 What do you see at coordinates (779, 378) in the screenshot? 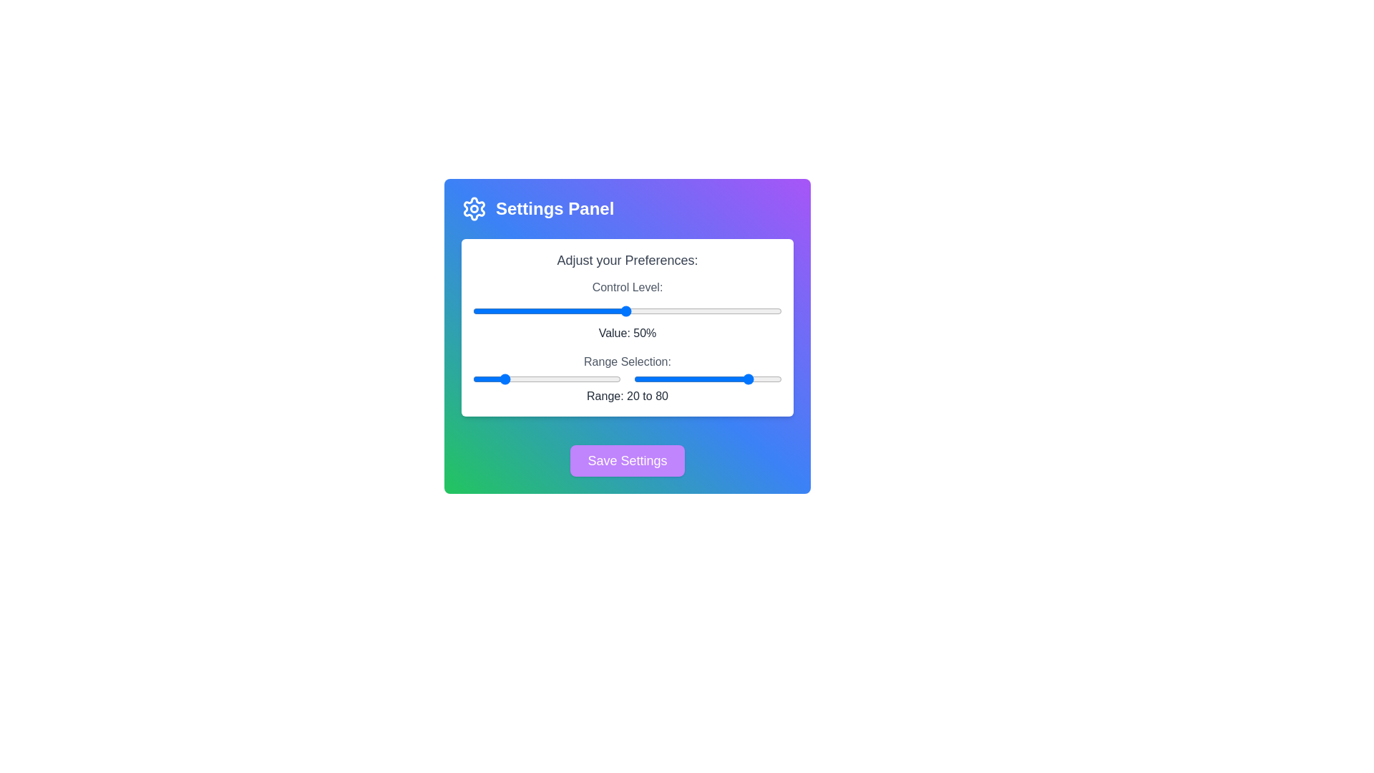
I see `the slider` at bounding box center [779, 378].